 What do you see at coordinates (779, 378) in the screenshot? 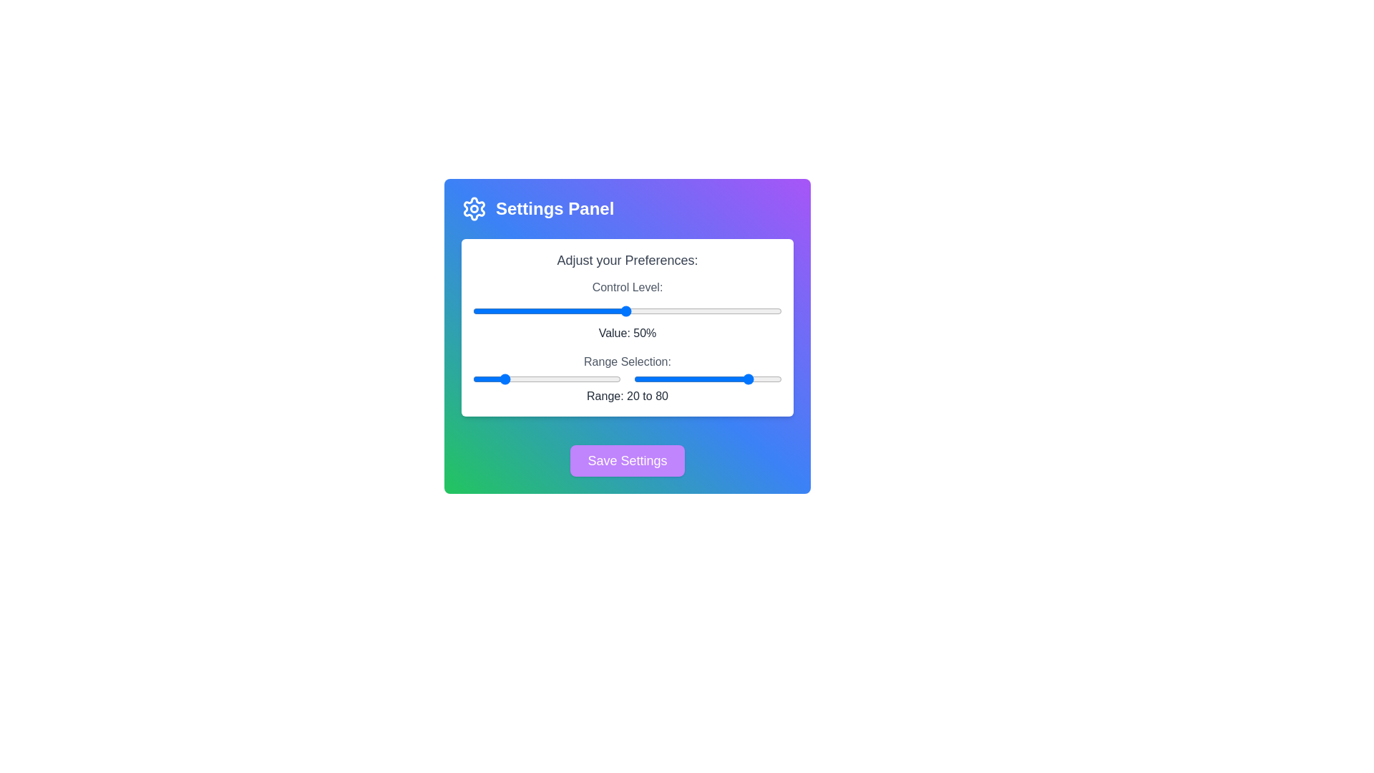
I see `the slider` at bounding box center [779, 378].